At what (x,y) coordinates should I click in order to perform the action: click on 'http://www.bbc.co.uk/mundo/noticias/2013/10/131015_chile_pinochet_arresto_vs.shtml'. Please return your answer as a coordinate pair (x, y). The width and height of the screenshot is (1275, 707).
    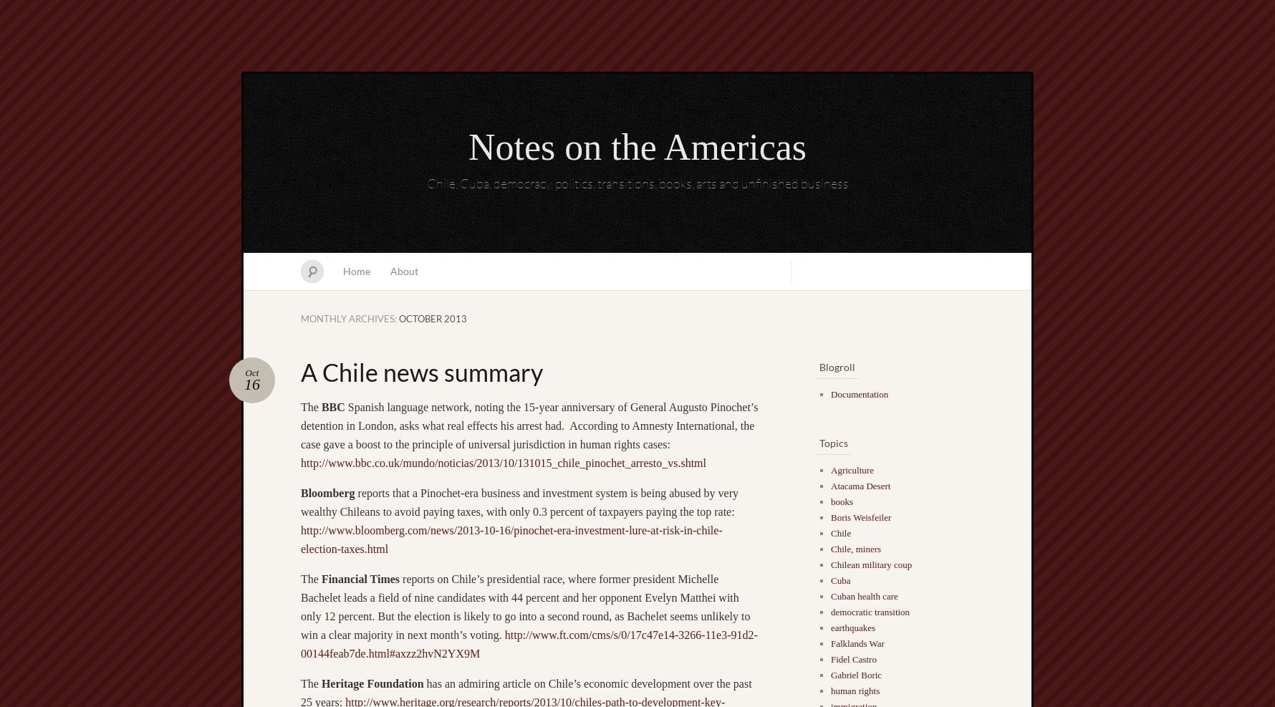
    Looking at the image, I should click on (502, 462).